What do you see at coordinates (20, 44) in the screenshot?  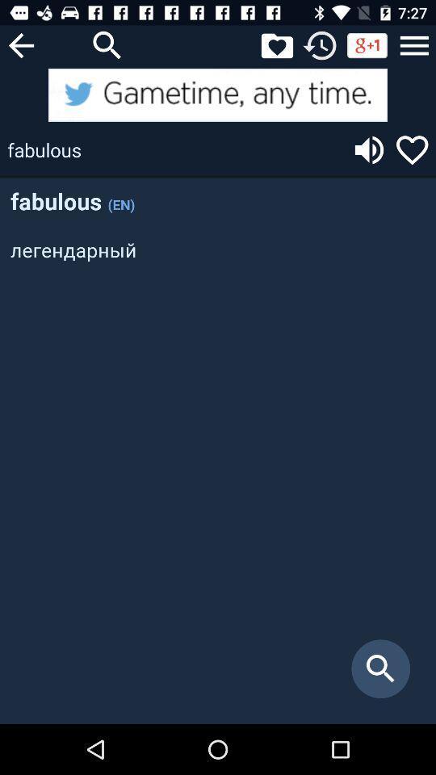 I see `the arrow_backward icon` at bounding box center [20, 44].